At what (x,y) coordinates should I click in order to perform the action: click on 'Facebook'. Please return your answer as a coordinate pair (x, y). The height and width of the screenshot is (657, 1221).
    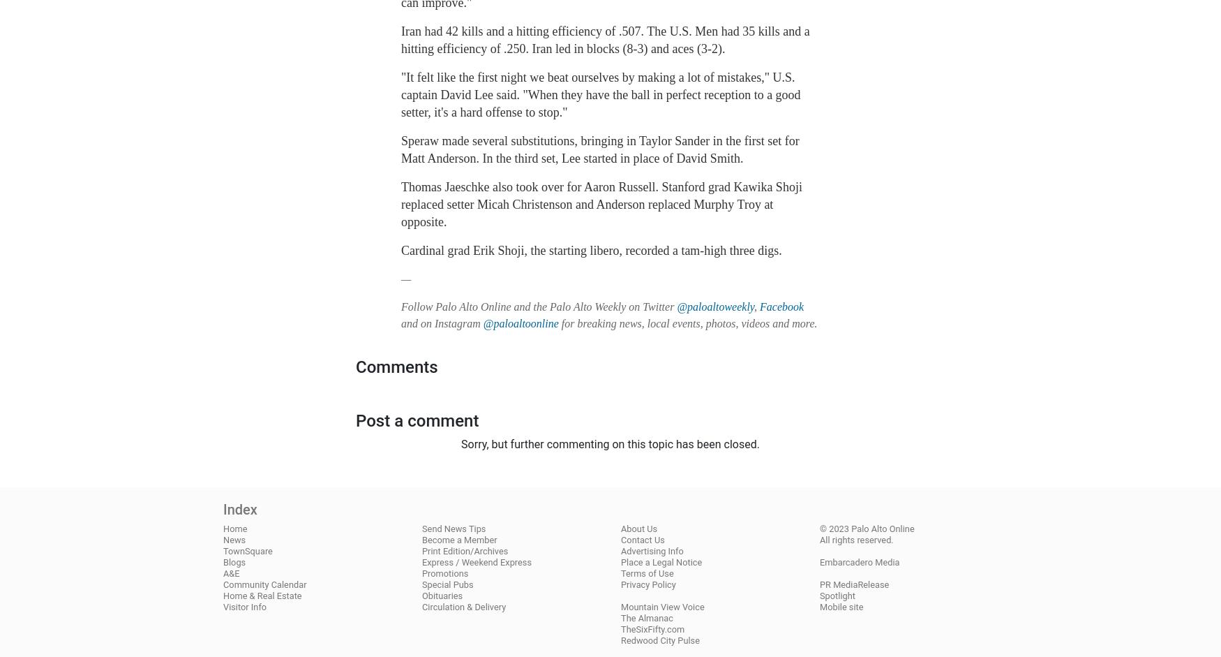
    Looking at the image, I should click on (760, 307).